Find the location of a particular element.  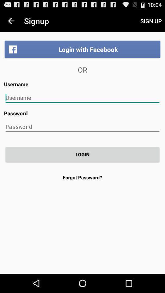

password to login is located at coordinates (82, 126).